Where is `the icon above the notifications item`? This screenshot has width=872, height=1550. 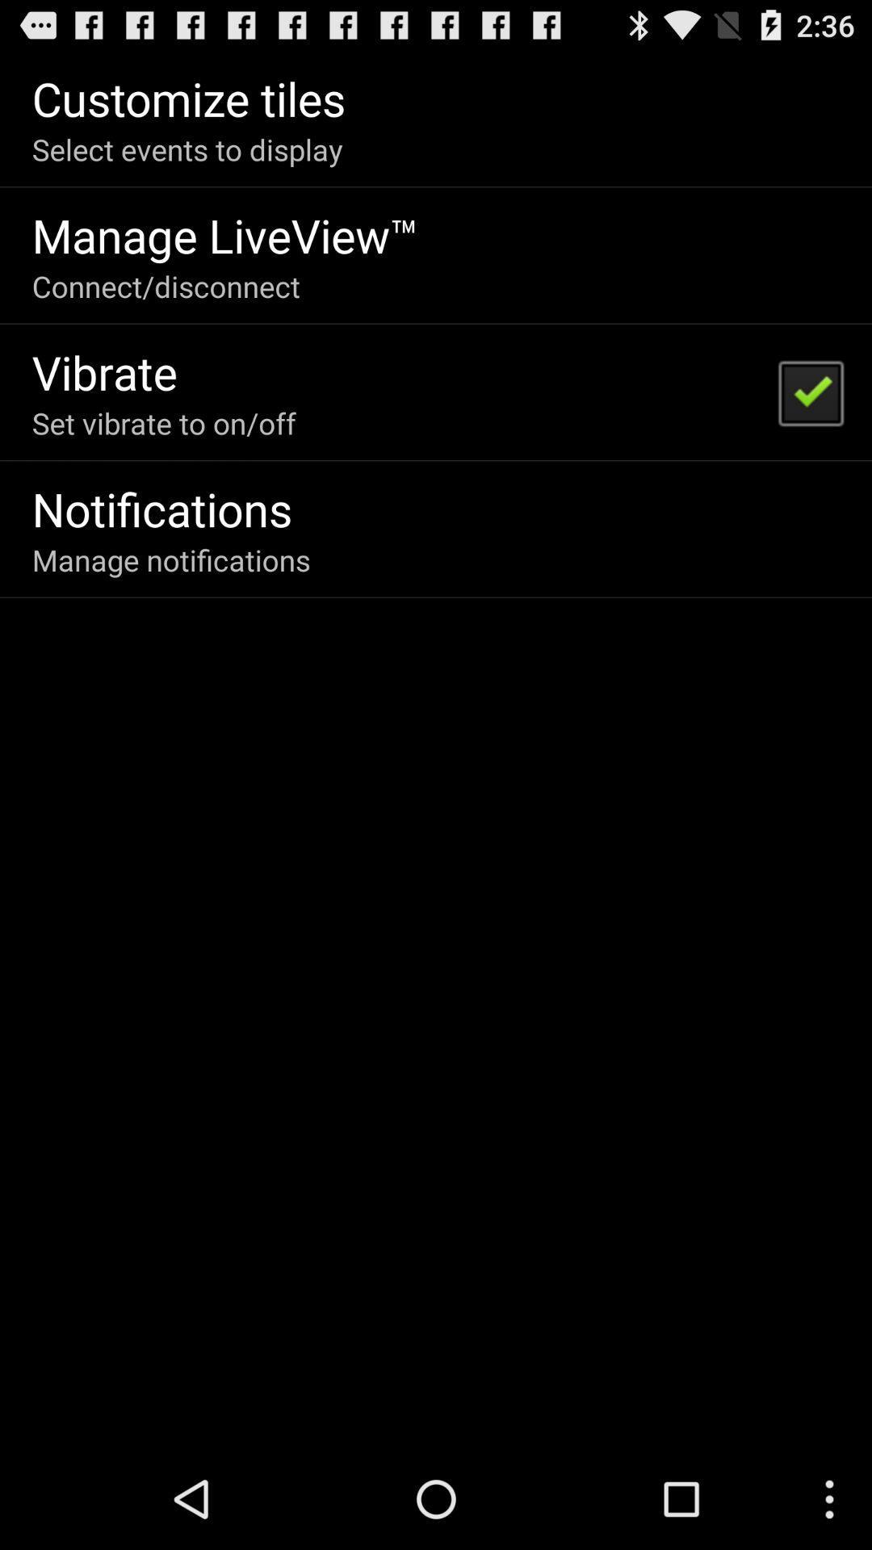 the icon above the notifications item is located at coordinates (164, 423).